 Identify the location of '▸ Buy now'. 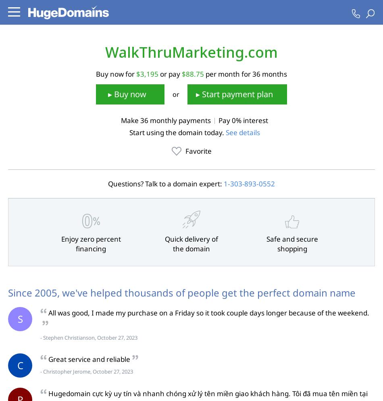
(127, 94).